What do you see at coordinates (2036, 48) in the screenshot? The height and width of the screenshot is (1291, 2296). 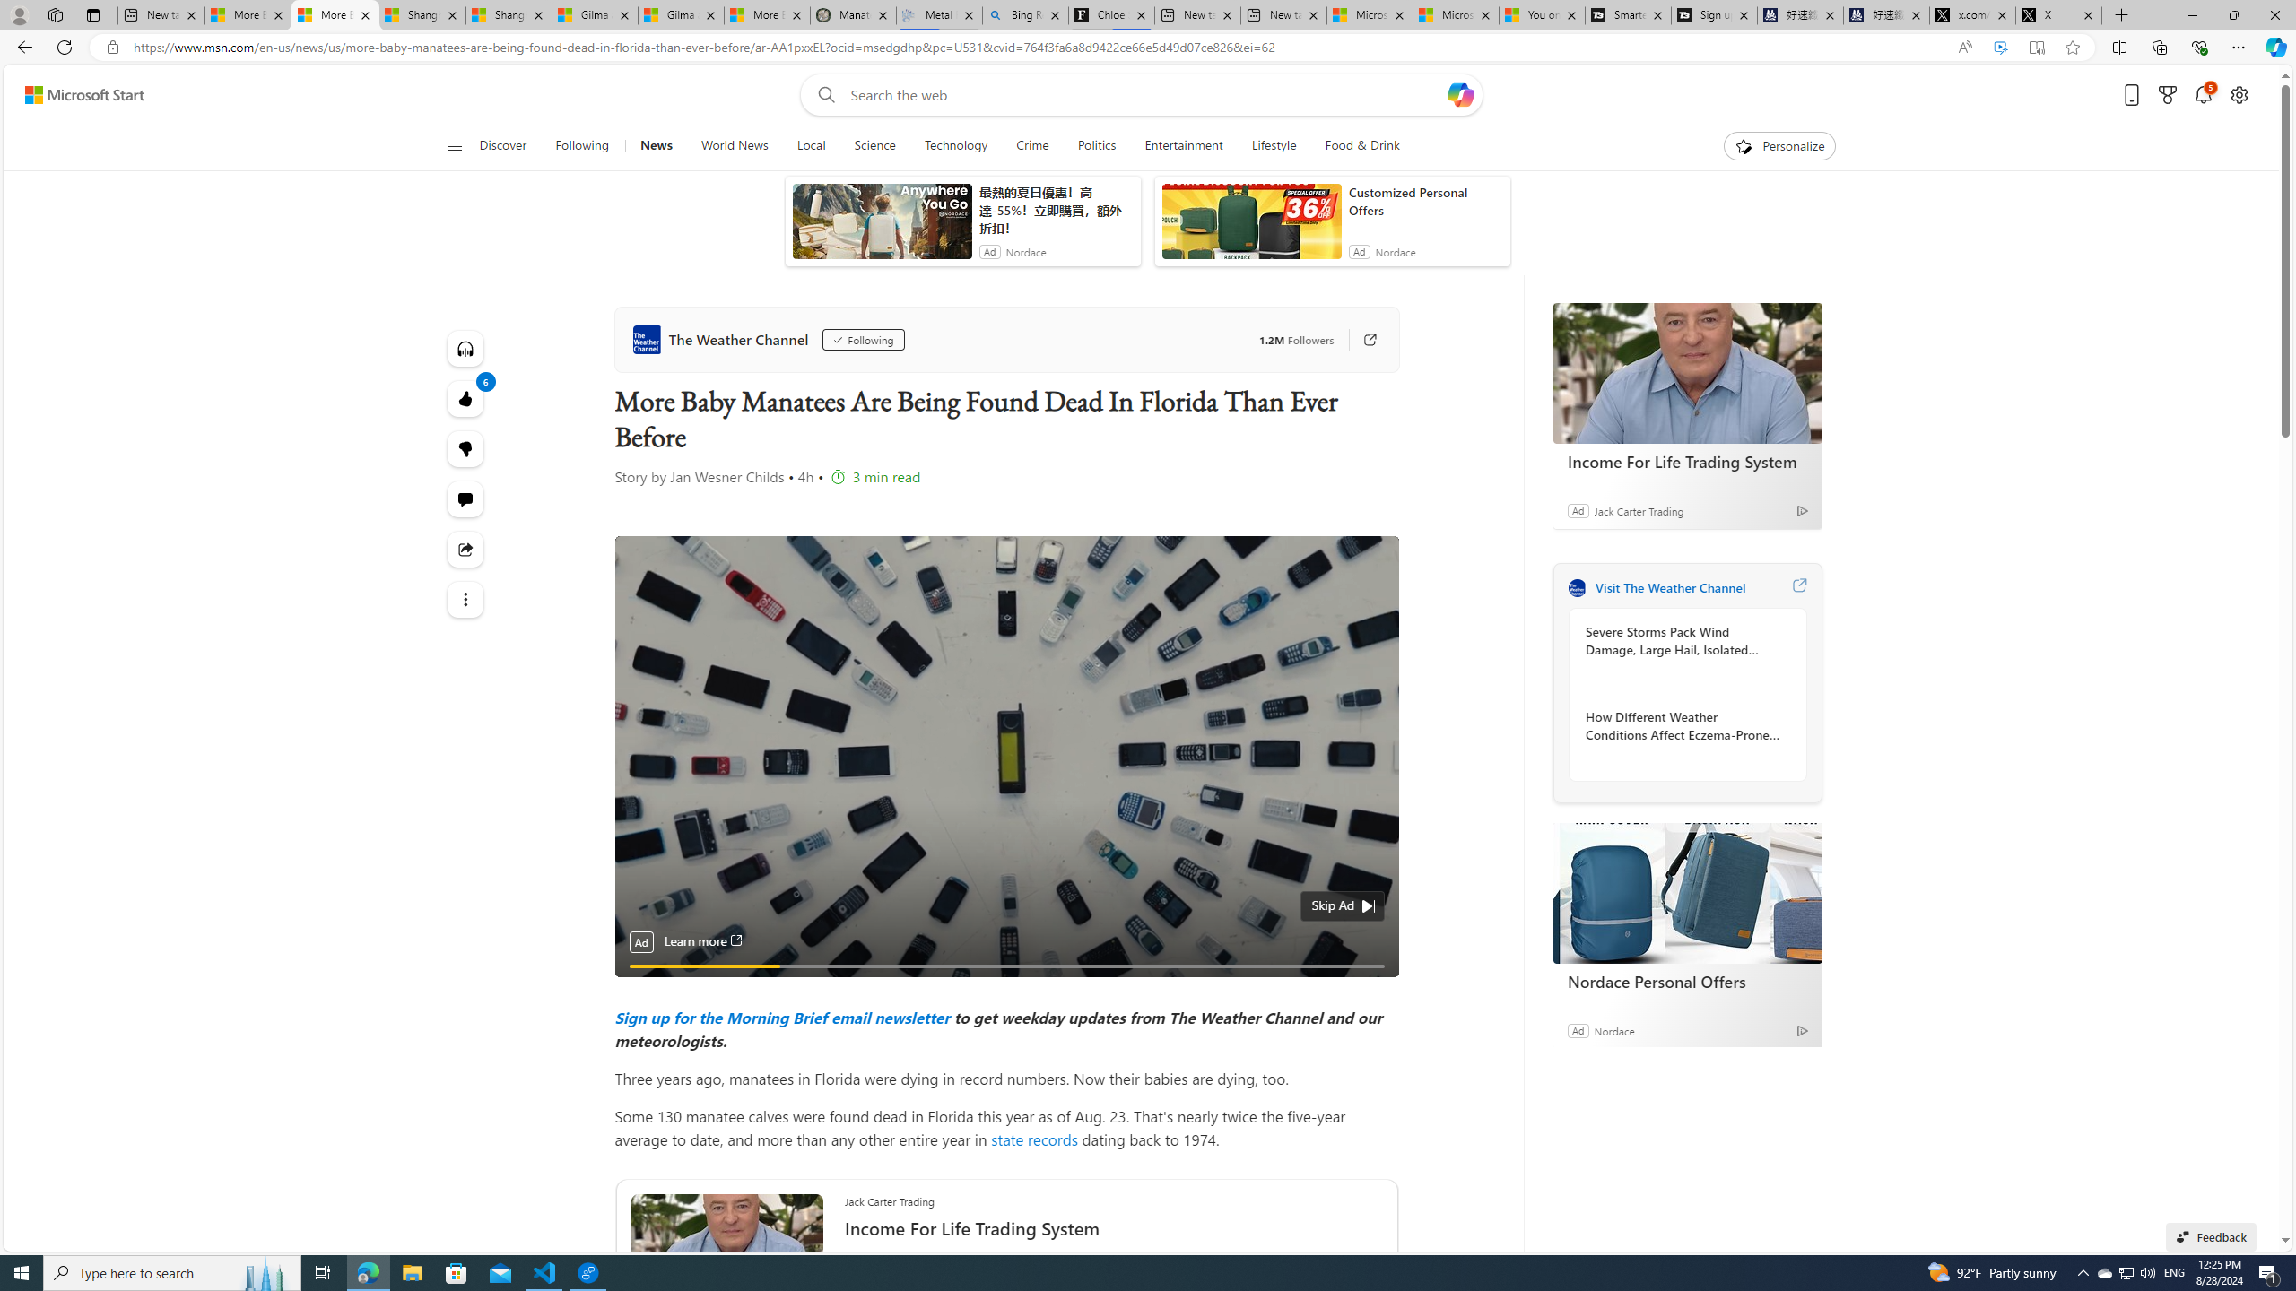 I see `'Enter Immersive Reader (F9)'` at bounding box center [2036, 48].